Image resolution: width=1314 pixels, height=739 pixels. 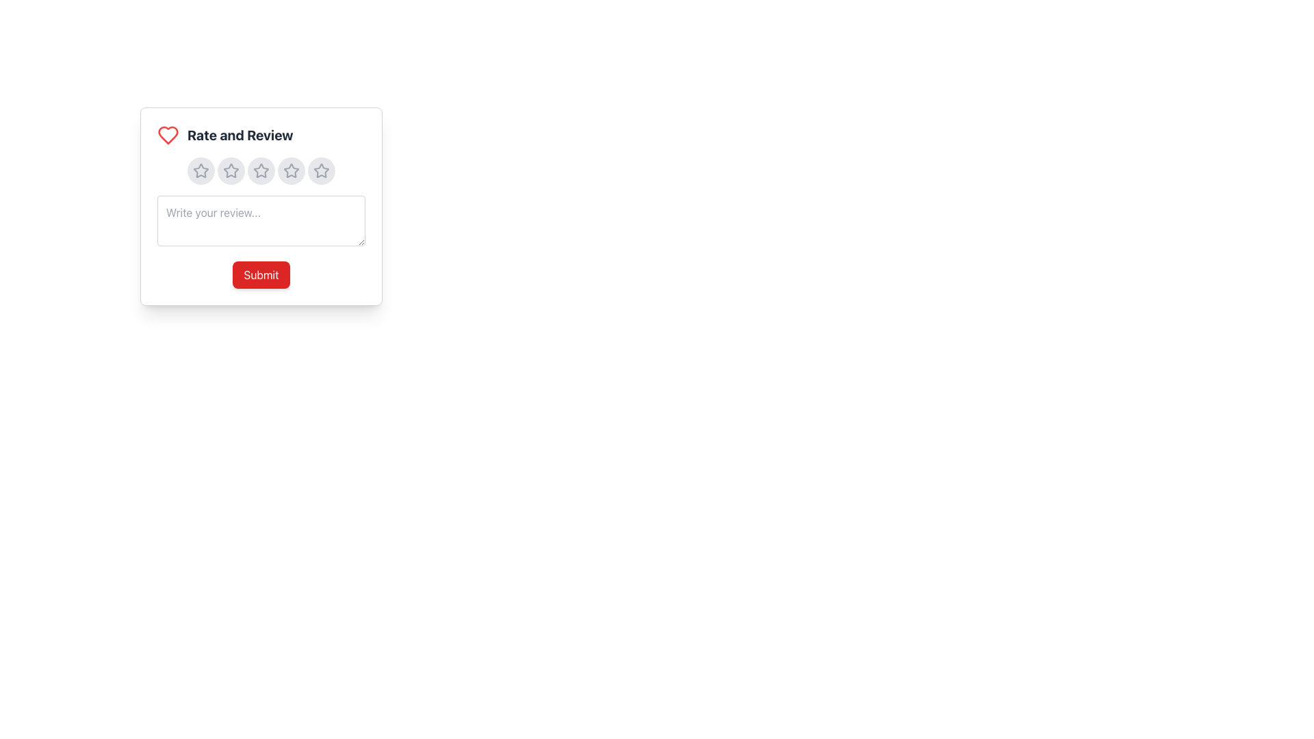 I want to click on the red heart-shaped icon located at the leftmost position above the rating stars and review input box, adjacent to the 'Rate and Review' title text, so click(x=167, y=135).